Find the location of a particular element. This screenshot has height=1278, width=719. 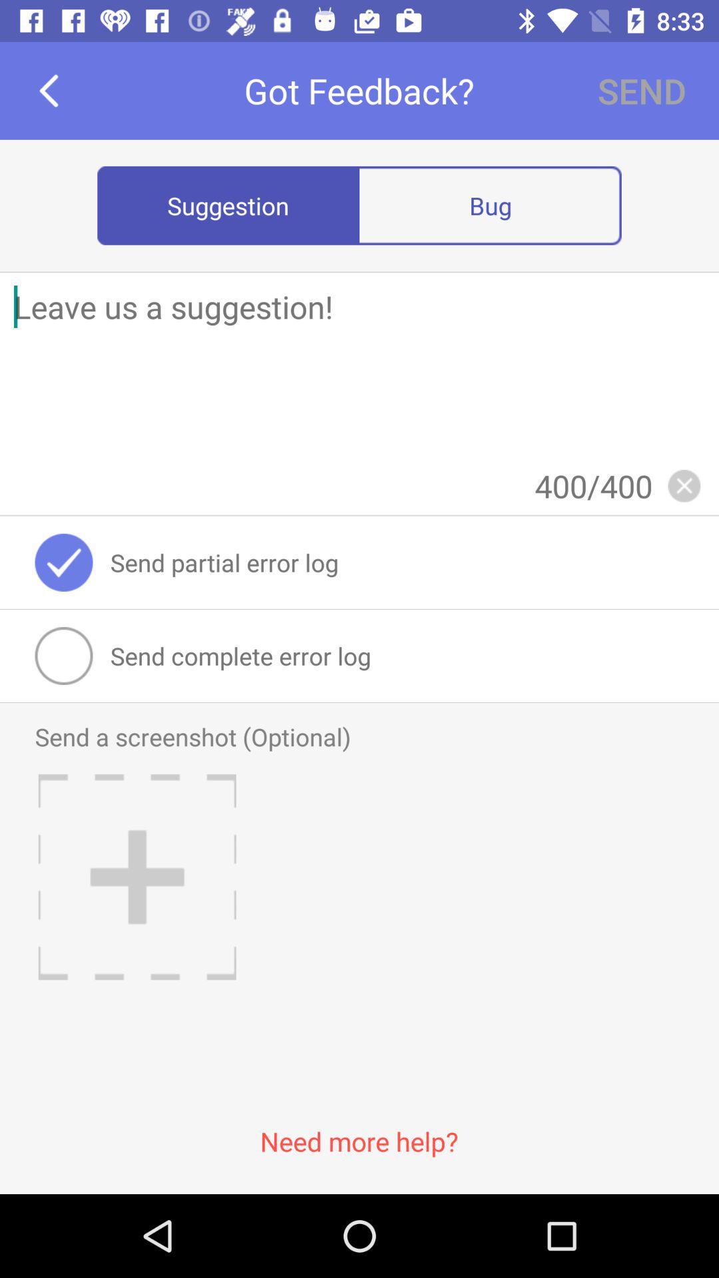

the close icon is located at coordinates (684, 485).